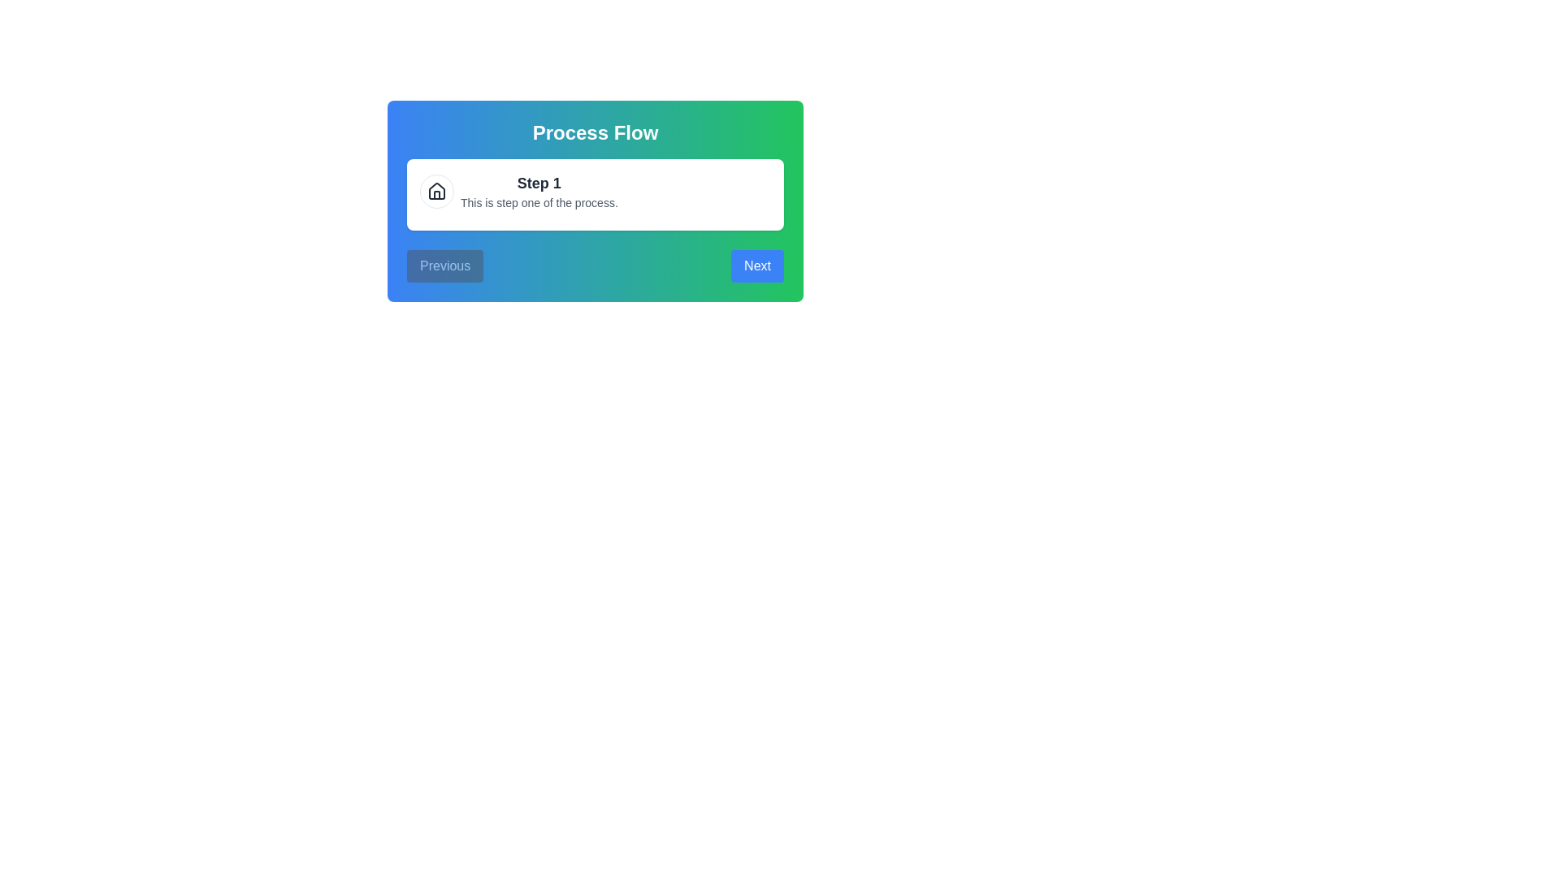 The height and width of the screenshot is (877, 1560). Describe the element at coordinates (445, 265) in the screenshot. I see `the 'Previous' button, which is a rectangular button with white text on a gray background, located at the left side of a two-button group in the 'Process Flow' panel` at that location.